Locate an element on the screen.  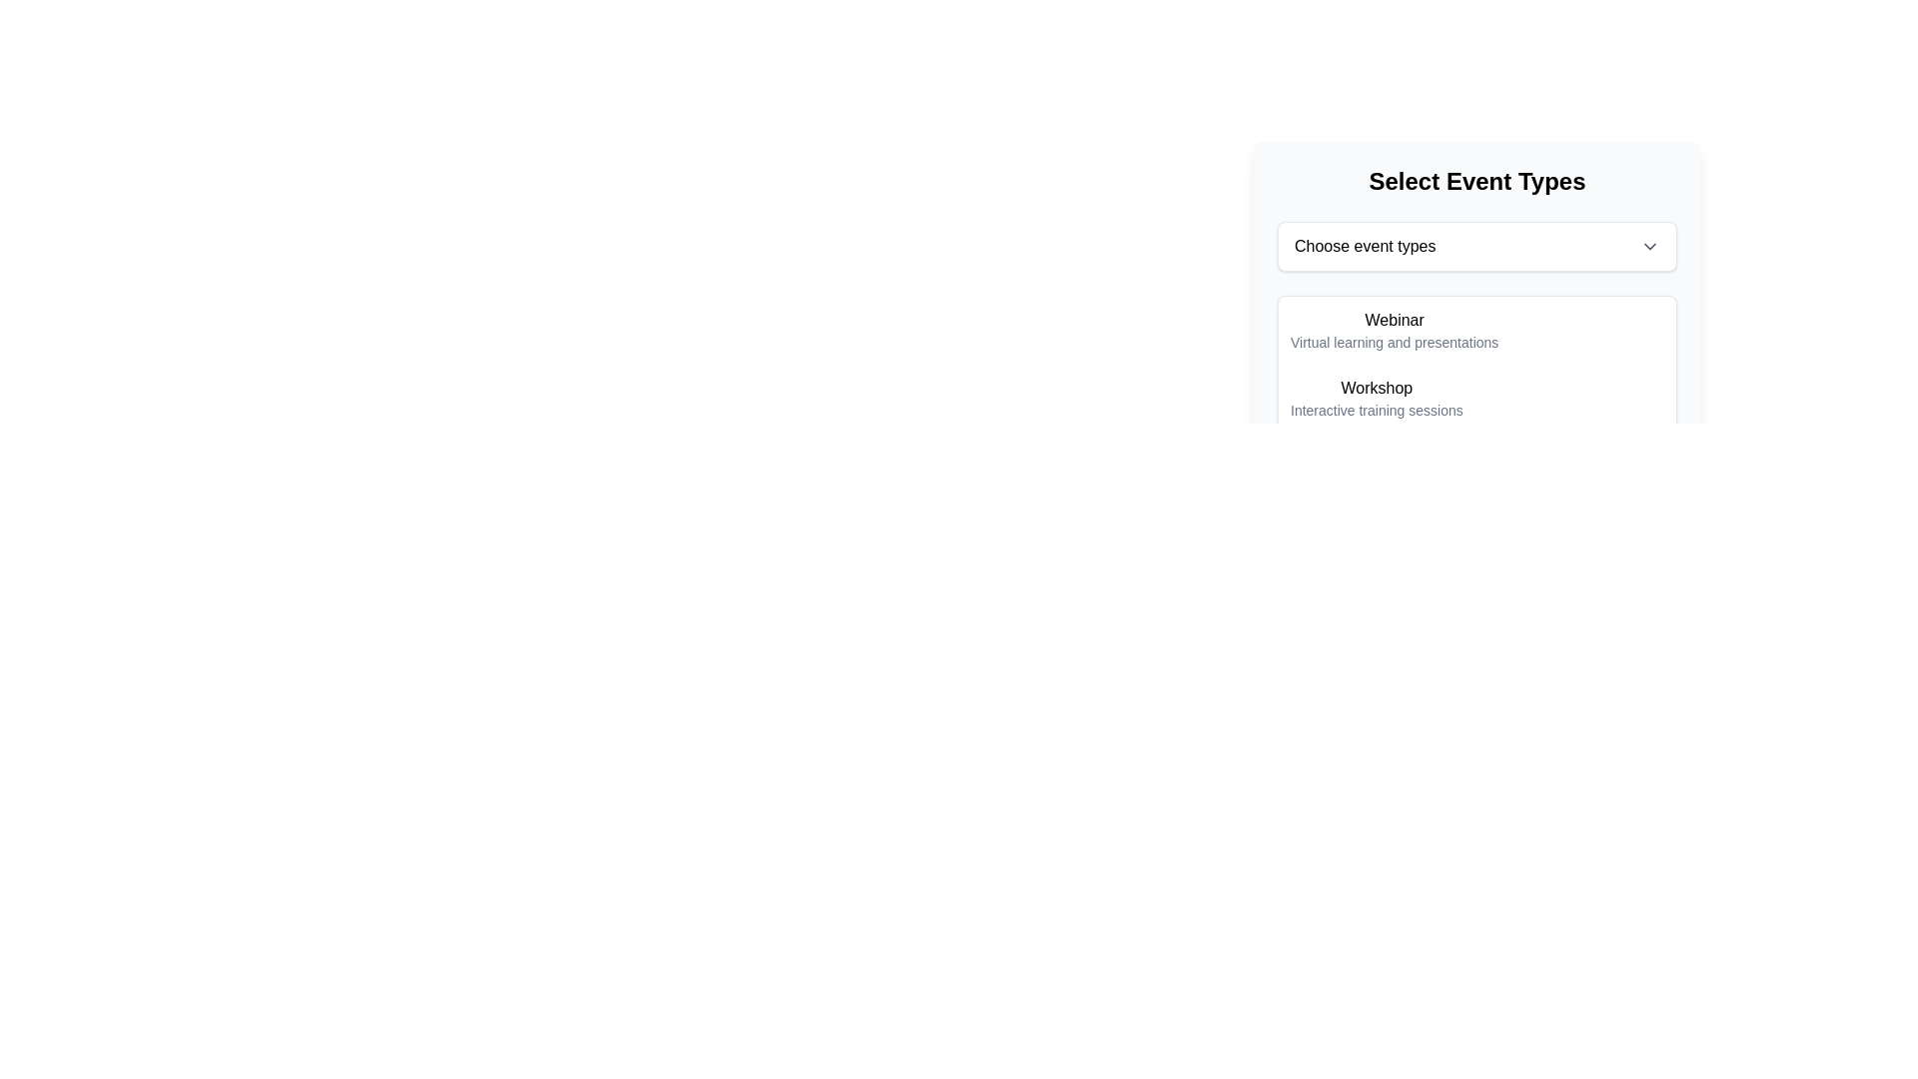
the selectable list item element with the title 'Webinar' and subtitle 'Virtual learning and presentations' is located at coordinates (1476, 330).